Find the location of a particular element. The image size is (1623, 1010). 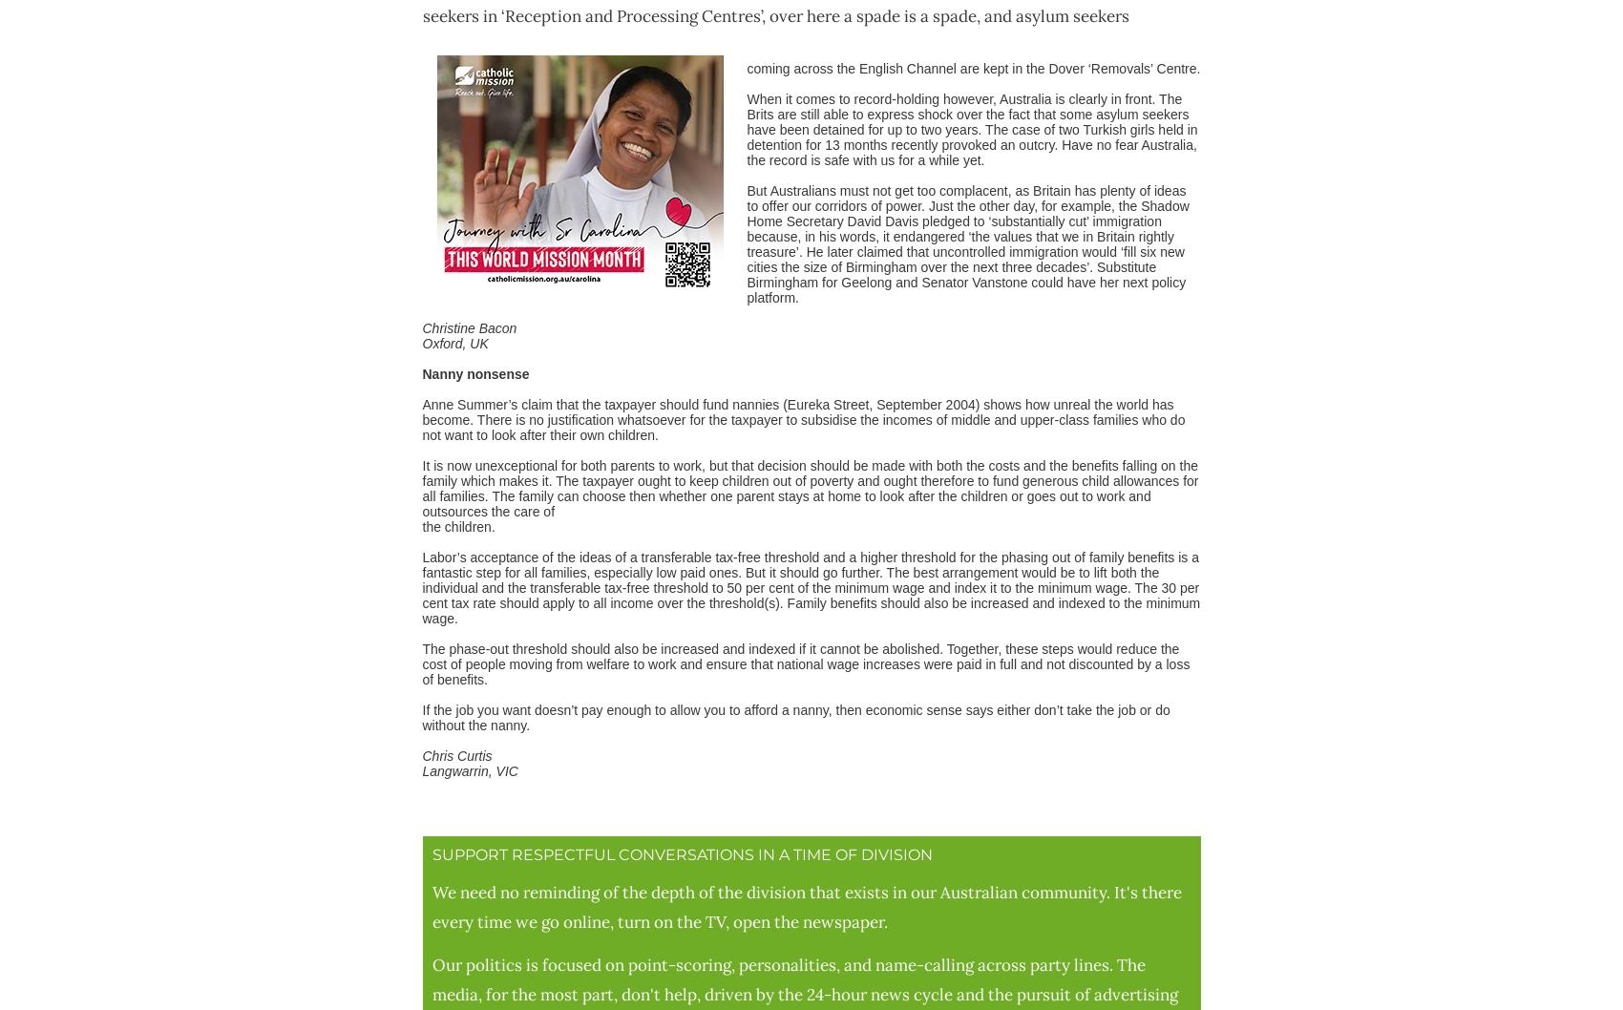

'We need no reminding of the depth of the division that exists in our Australian community. It's there every time we go online, turn on the TV, open the newspaper.' is located at coordinates (805, 906).